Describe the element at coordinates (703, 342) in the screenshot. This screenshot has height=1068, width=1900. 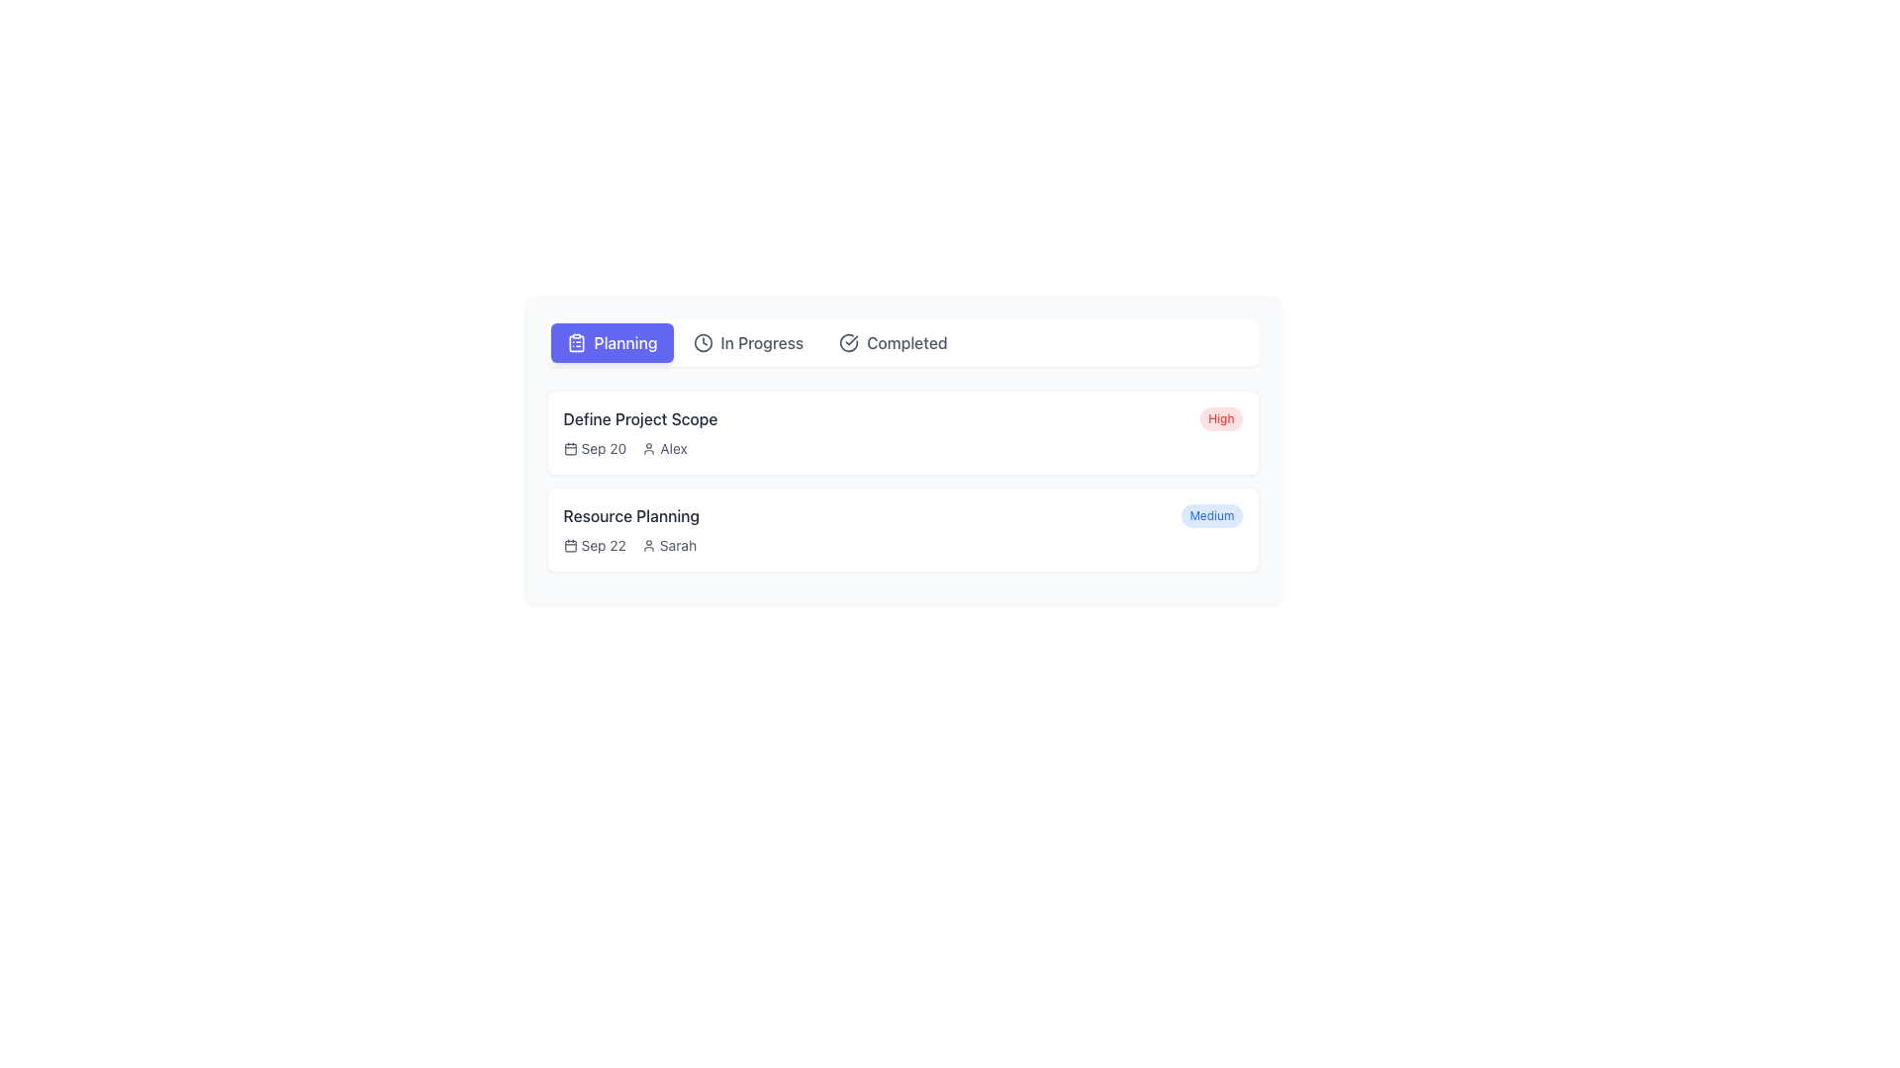
I see `the clock icon located to the left of the 'In Progress' label for navigational purposes` at that location.